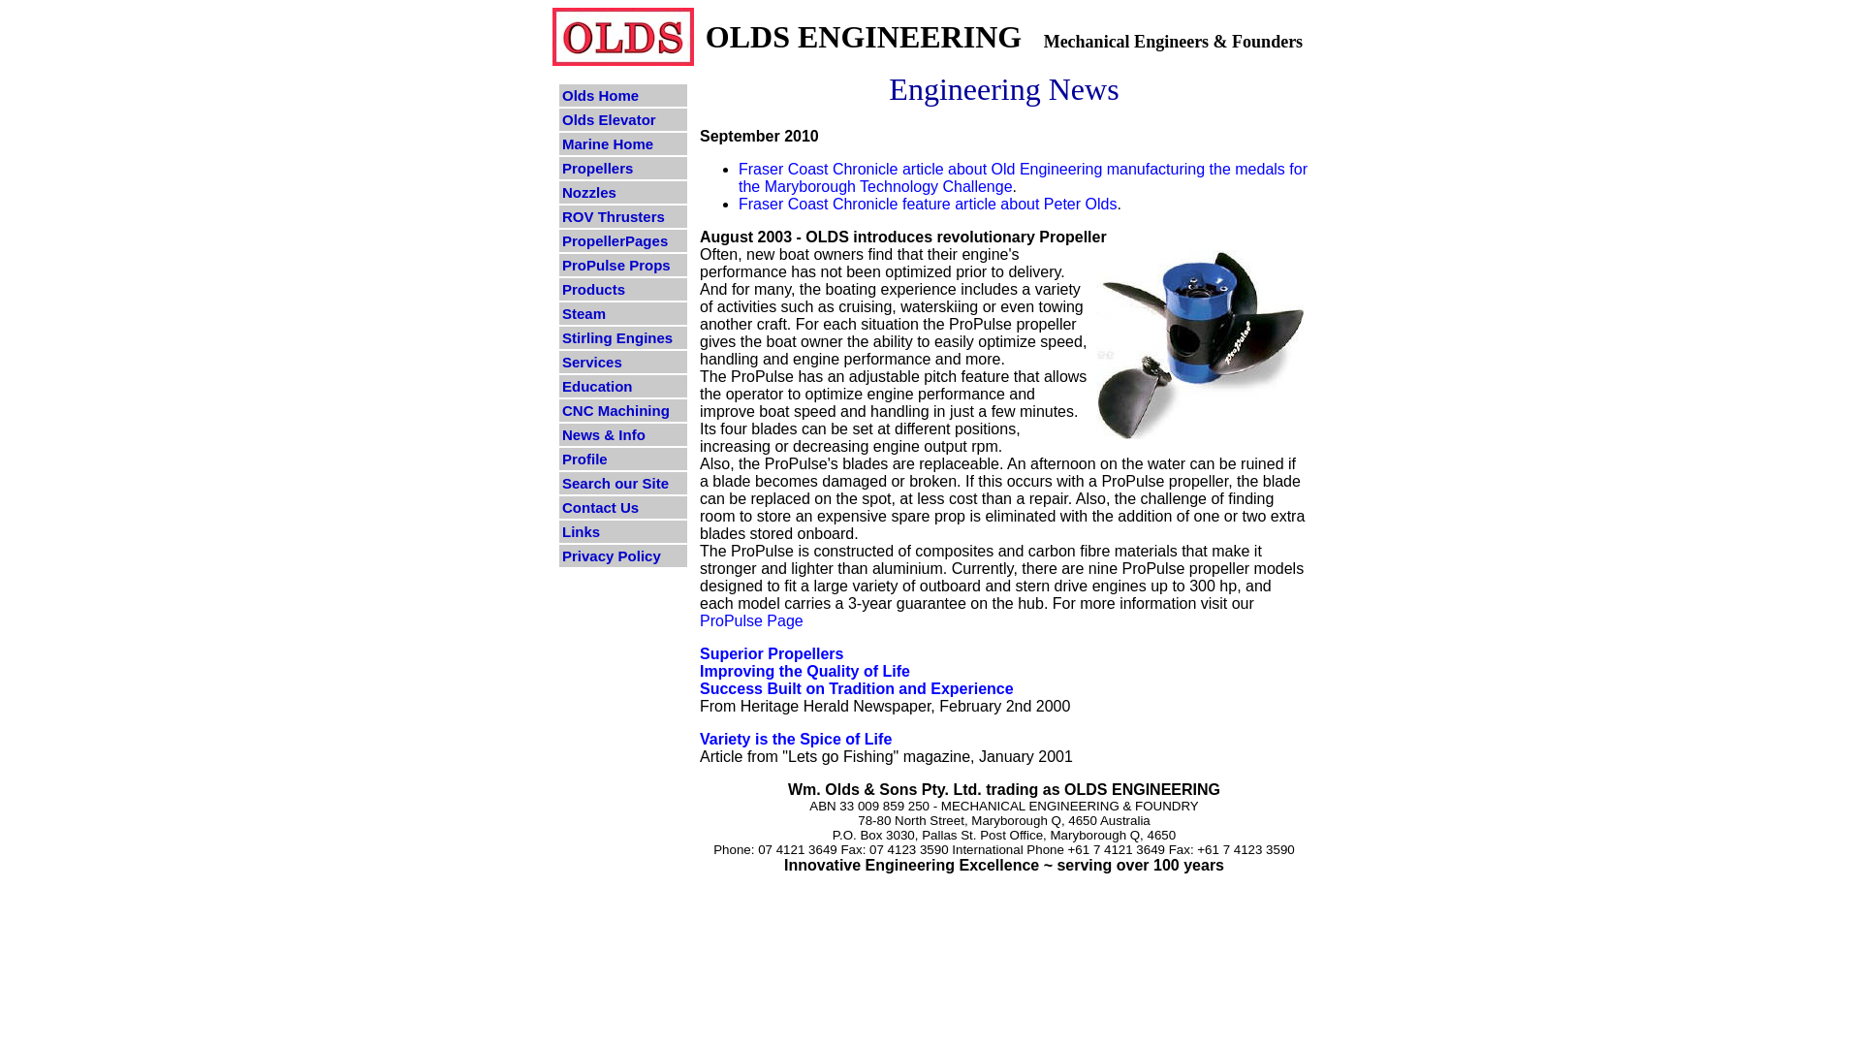  What do you see at coordinates (623, 119) in the screenshot?
I see `'Olds Elevator'` at bounding box center [623, 119].